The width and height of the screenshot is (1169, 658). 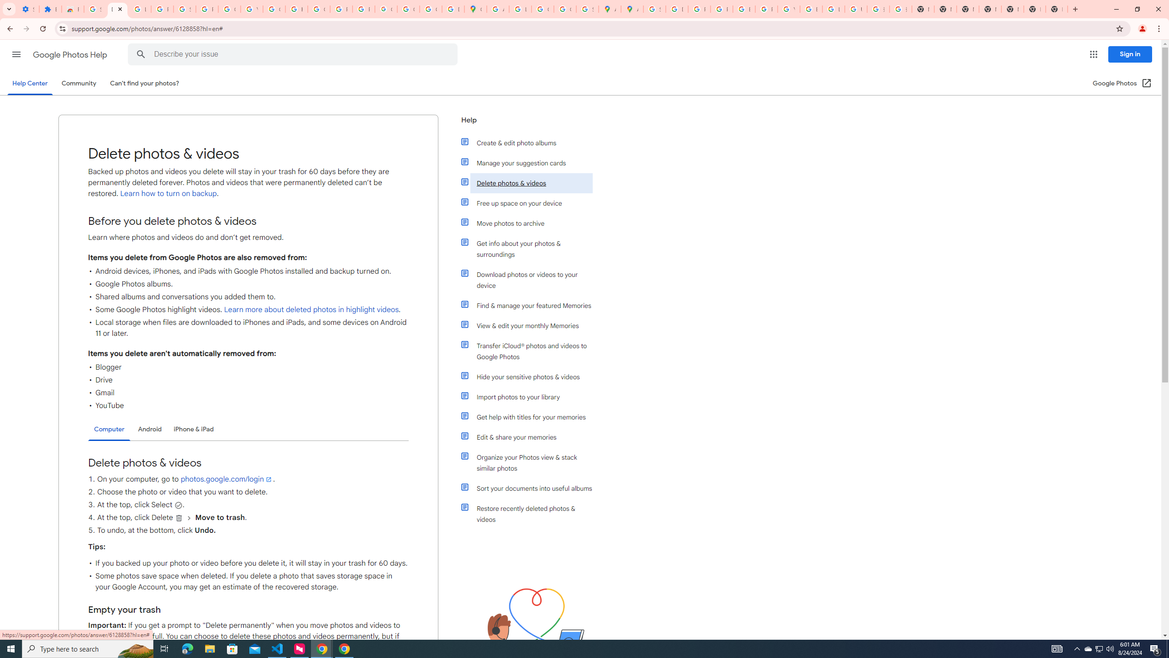 I want to click on 'Privacy Help Center - Policies Help', so click(x=698, y=9).